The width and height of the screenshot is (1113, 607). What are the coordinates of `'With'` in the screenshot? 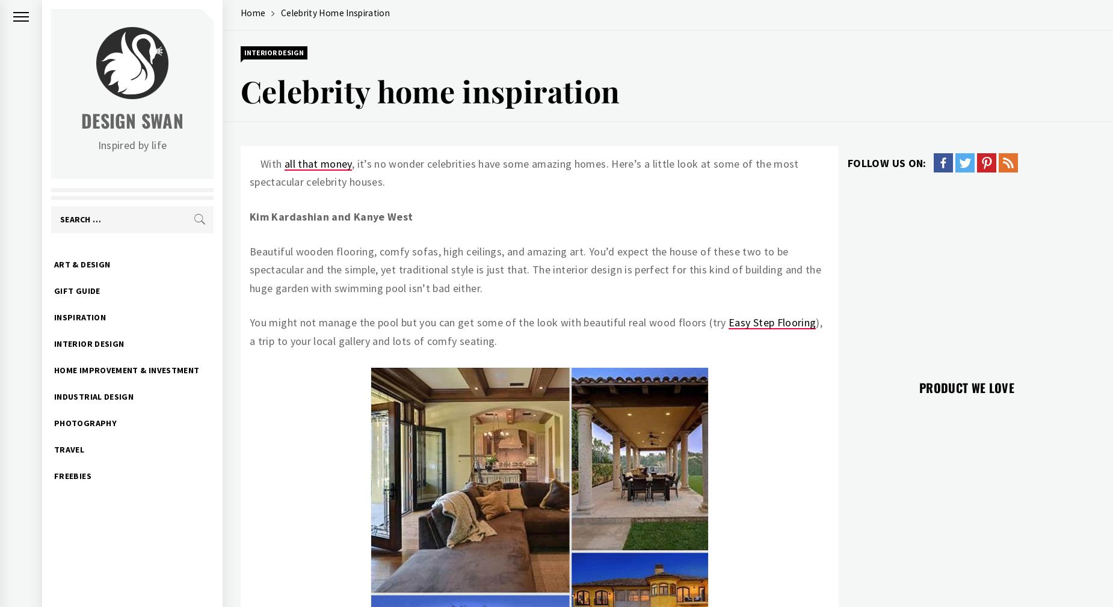 It's located at (271, 163).